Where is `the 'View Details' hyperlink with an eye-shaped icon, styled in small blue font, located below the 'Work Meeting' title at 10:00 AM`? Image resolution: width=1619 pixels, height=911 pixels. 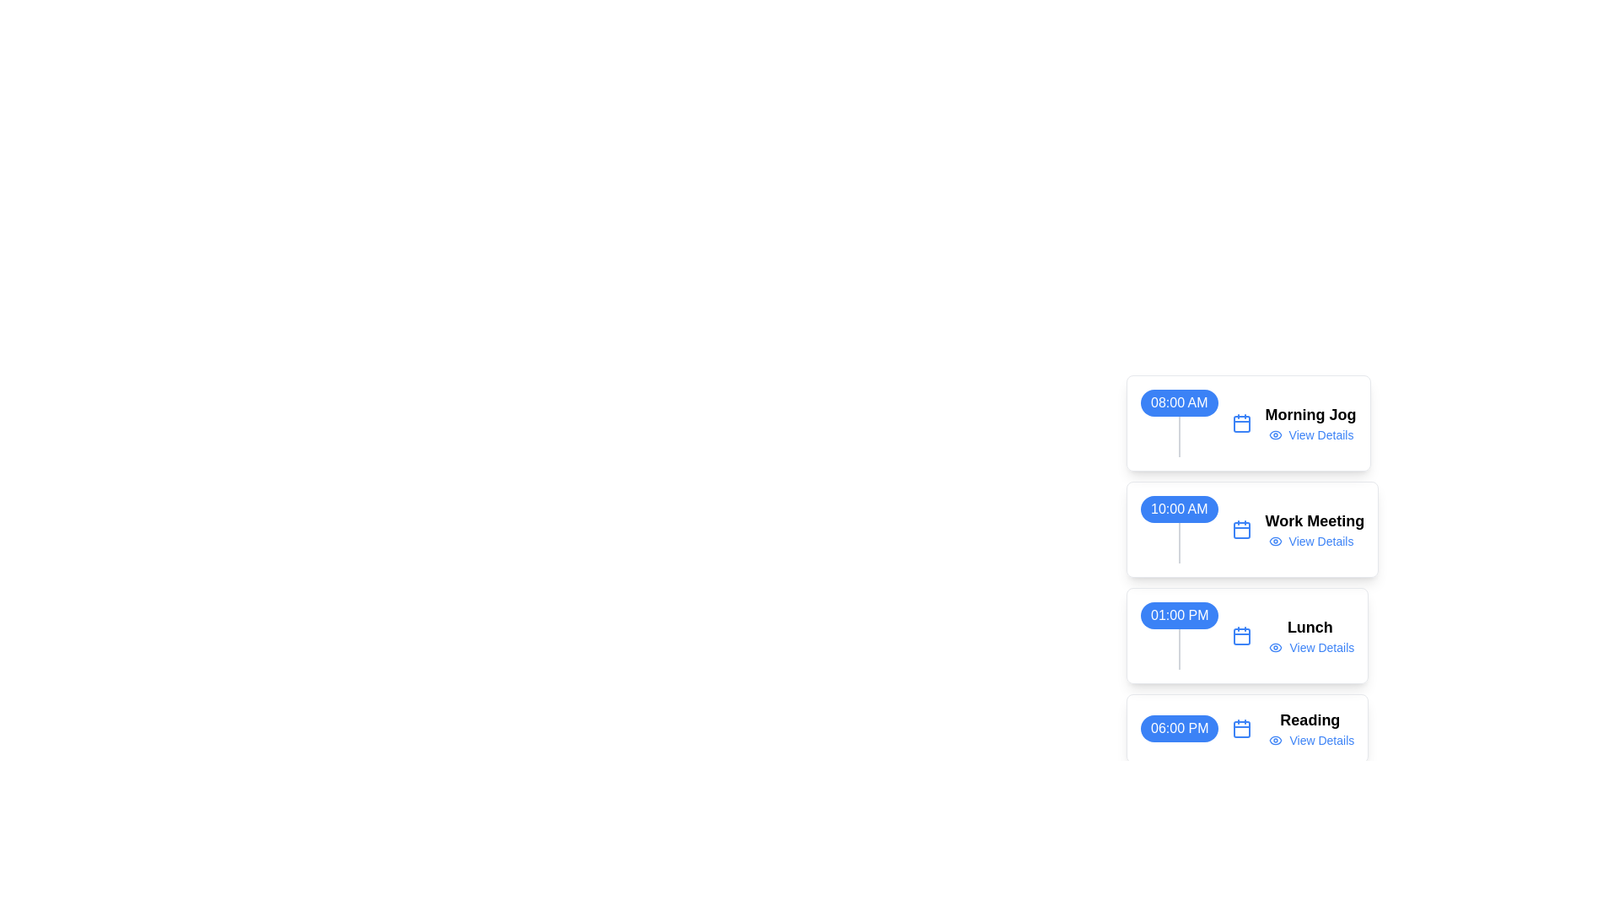
the 'View Details' hyperlink with an eye-shaped icon, styled in small blue font, located below the 'Work Meeting' title at 10:00 AM is located at coordinates (1314, 541).